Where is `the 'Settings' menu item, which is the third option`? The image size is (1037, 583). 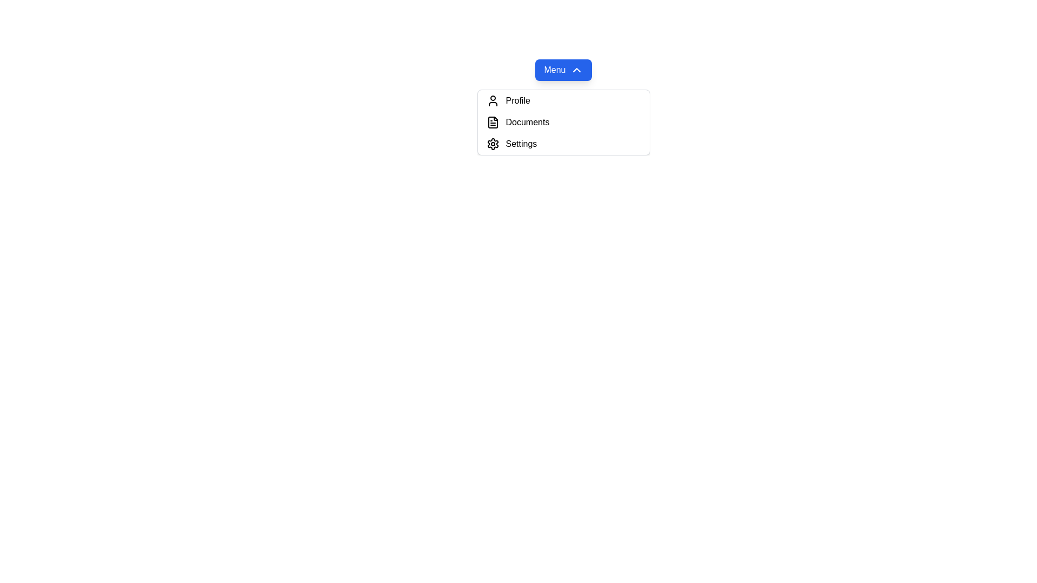
the 'Settings' menu item, which is the third option is located at coordinates (563, 143).